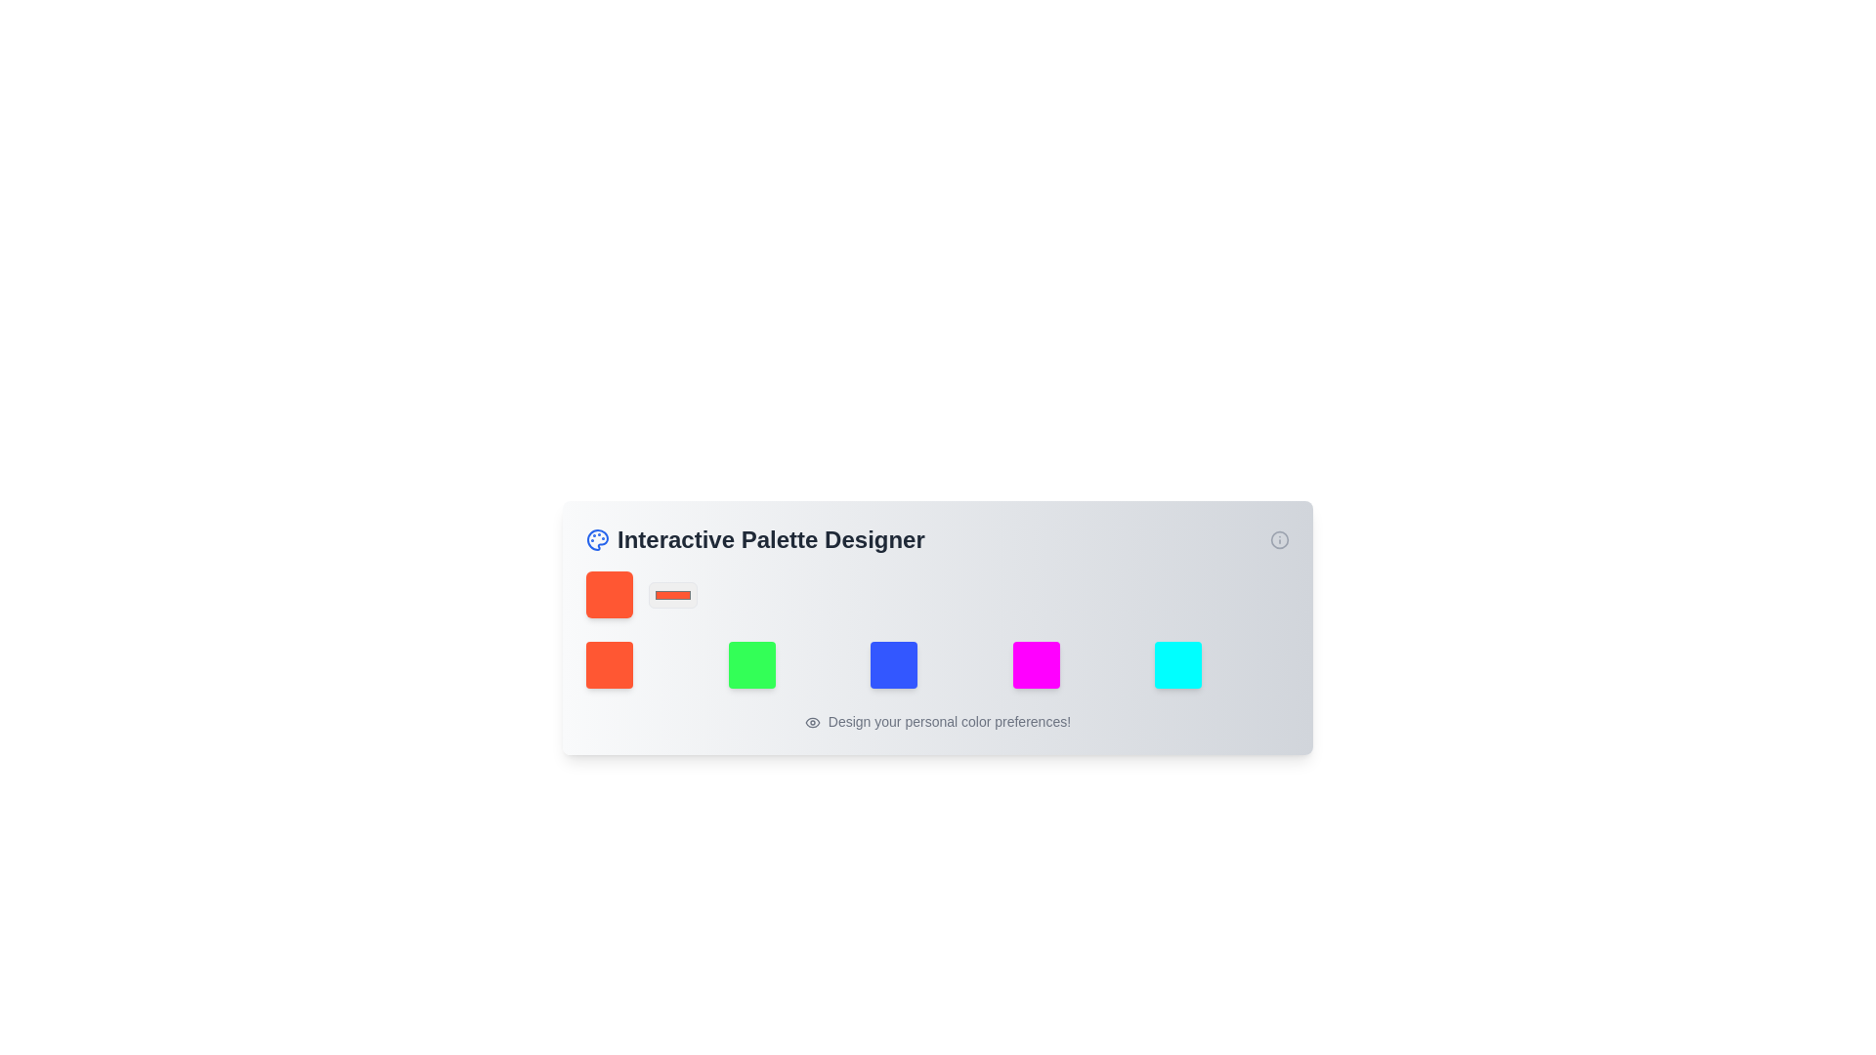 The height and width of the screenshot is (1055, 1876). I want to click on the circular button with a cyan background located at the bottom-right section of the interface to interact, so click(1177, 664).